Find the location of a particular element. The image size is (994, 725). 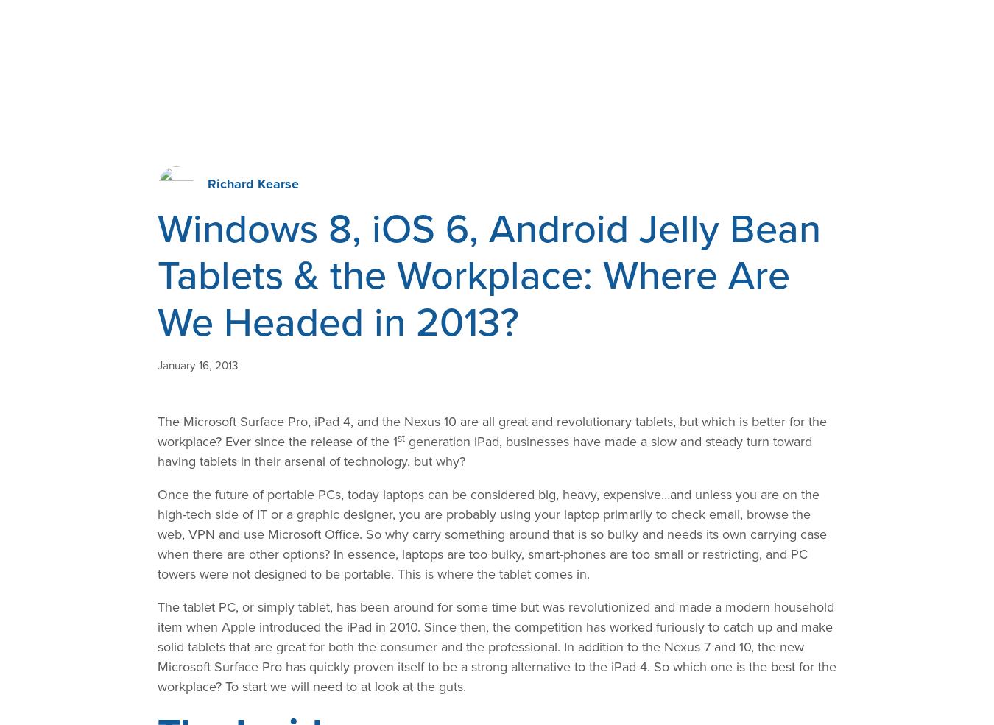

'Industries' is located at coordinates (383, 32).